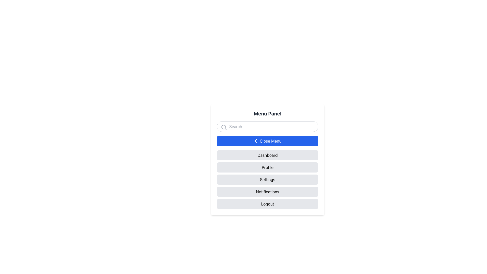 The height and width of the screenshot is (274, 487). I want to click on the search input field located below the 'Menu Panel' title, so click(267, 126).